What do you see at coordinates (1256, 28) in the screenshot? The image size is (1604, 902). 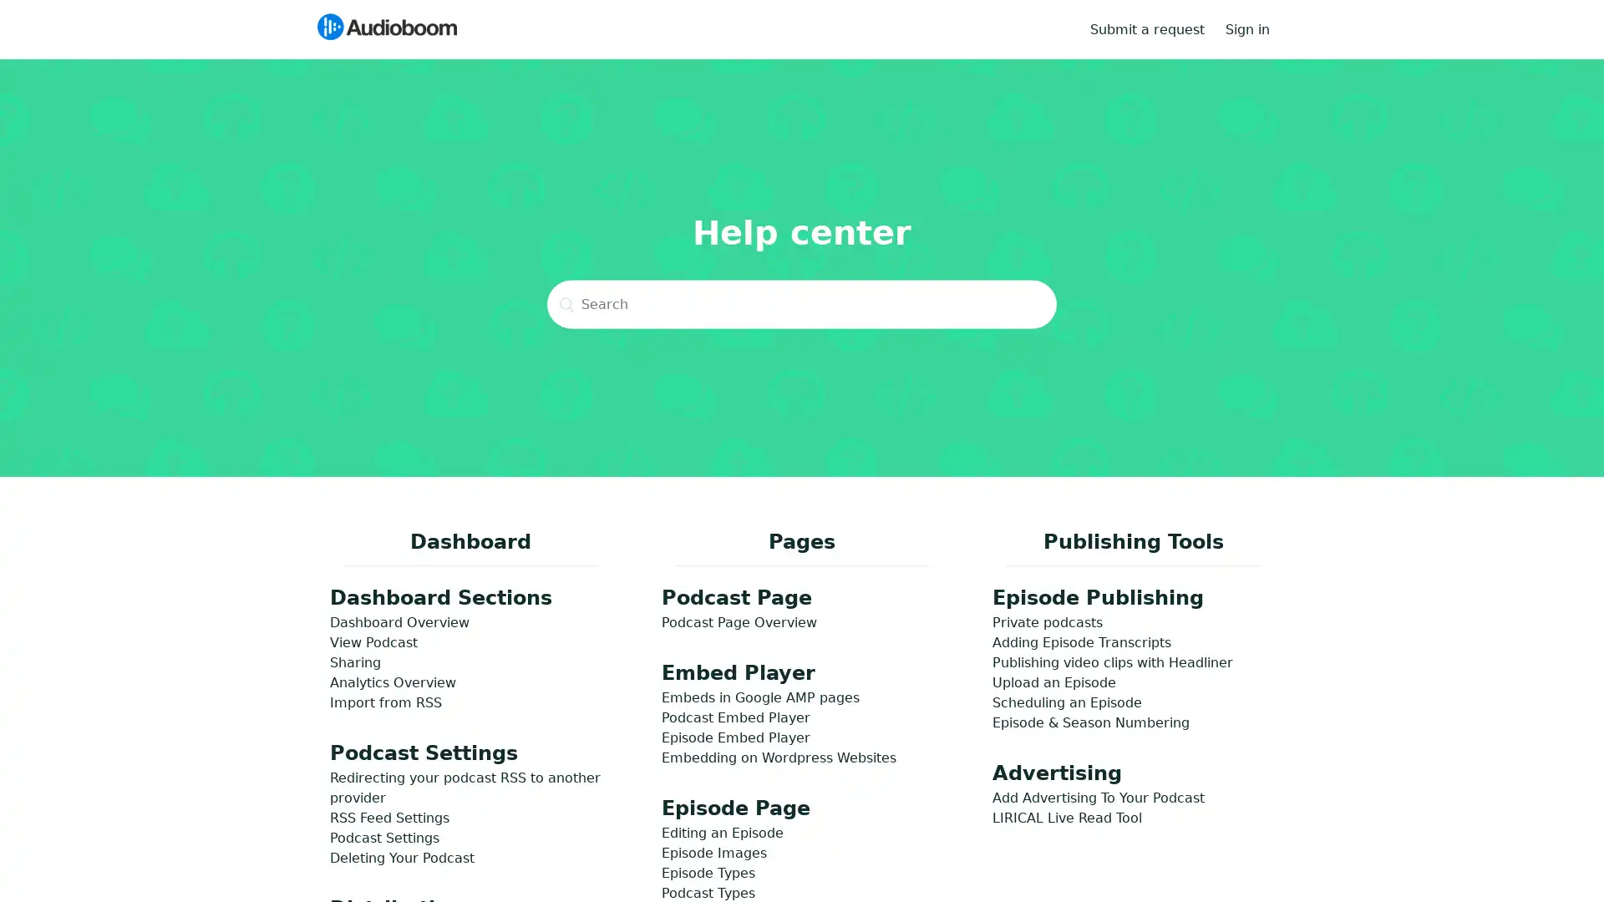 I see `Sign in` at bounding box center [1256, 28].